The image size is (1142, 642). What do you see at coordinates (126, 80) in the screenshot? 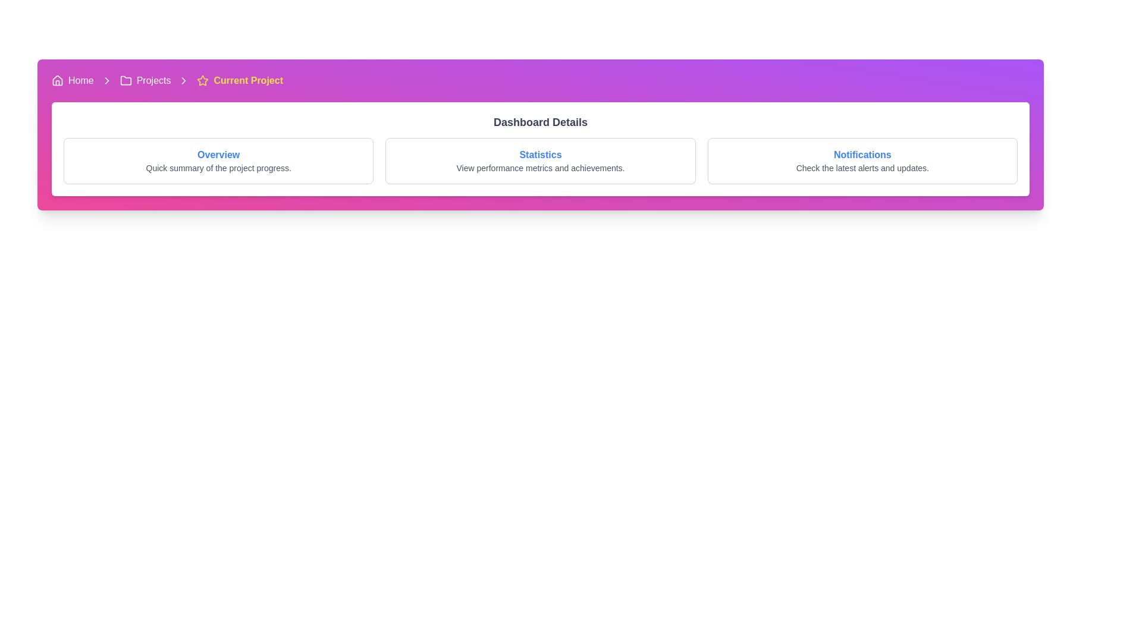
I see `the small folder icon with rounded edges, which is the first element in the breadcrumb navigation bar, located to the left of the 'Projects' label` at bounding box center [126, 80].